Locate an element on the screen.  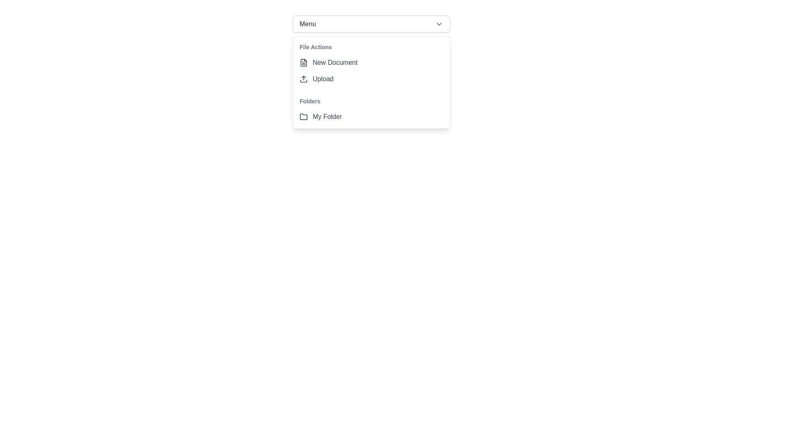
the text label representing the folder named 'My Folder' located in the submenu under the 'Folders' section of the dropdown menu is located at coordinates (327, 117).